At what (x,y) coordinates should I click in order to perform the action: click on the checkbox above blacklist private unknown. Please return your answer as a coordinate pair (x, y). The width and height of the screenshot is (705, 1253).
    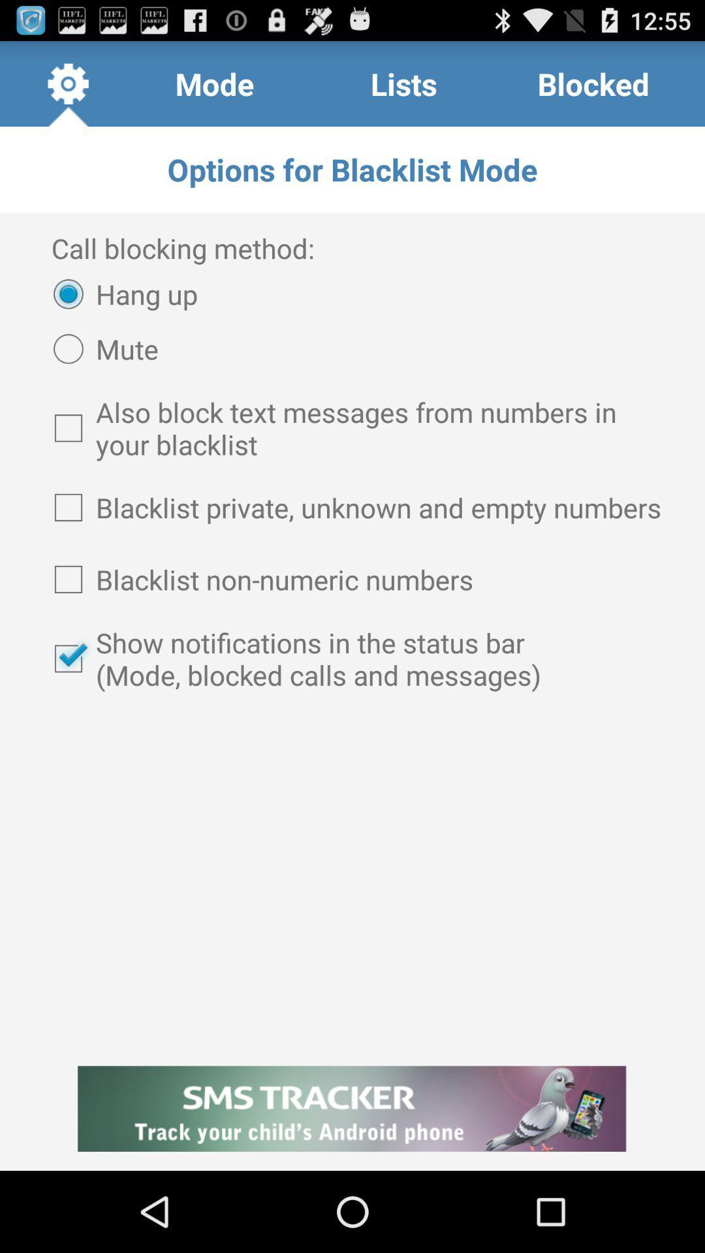
    Looking at the image, I should click on (352, 428).